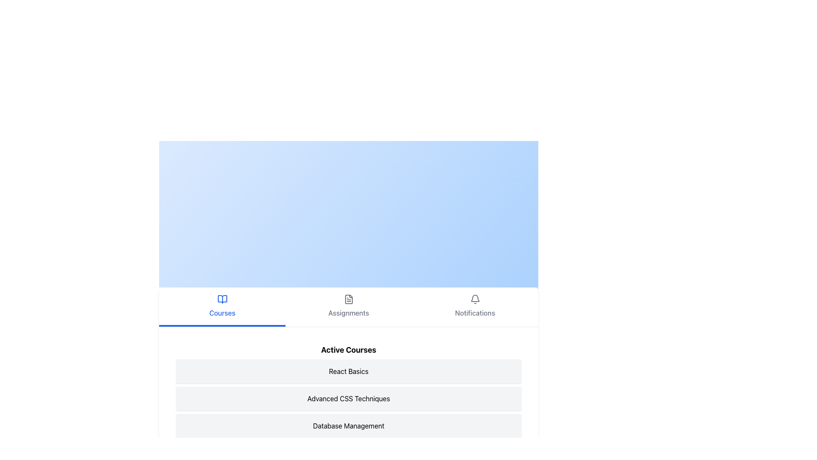 The width and height of the screenshot is (817, 460). What do you see at coordinates (349, 305) in the screenshot?
I see `the Navigation Button labeled 'Assignments', which features a gray document icon above the text label` at bounding box center [349, 305].